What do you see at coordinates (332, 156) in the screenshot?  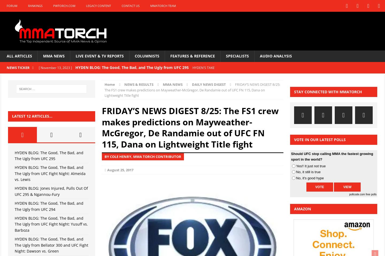 I see `'Should UFC stop calling MMA the fastest growing sport in the world?'` at bounding box center [332, 156].